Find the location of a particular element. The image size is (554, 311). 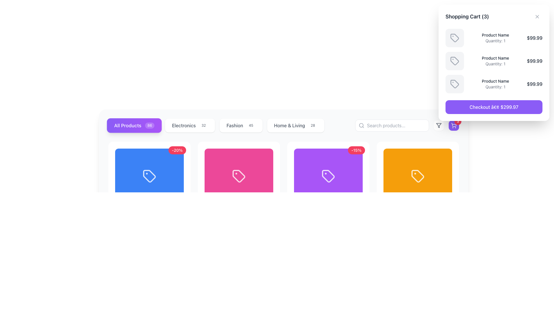

the specific category button in the navigation menu located centrally below the horizontal toolbar to switch views is located at coordinates (216, 125).